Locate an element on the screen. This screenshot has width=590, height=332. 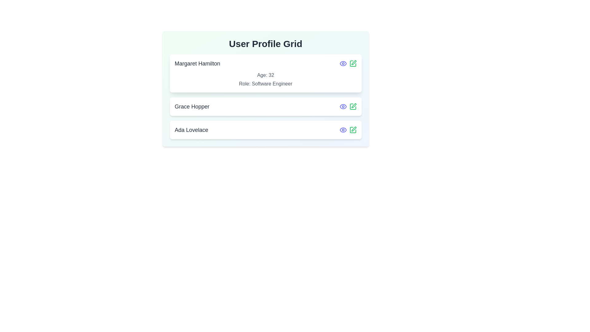
eye icon for the profile of Grace Hopper is located at coordinates (343, 106).